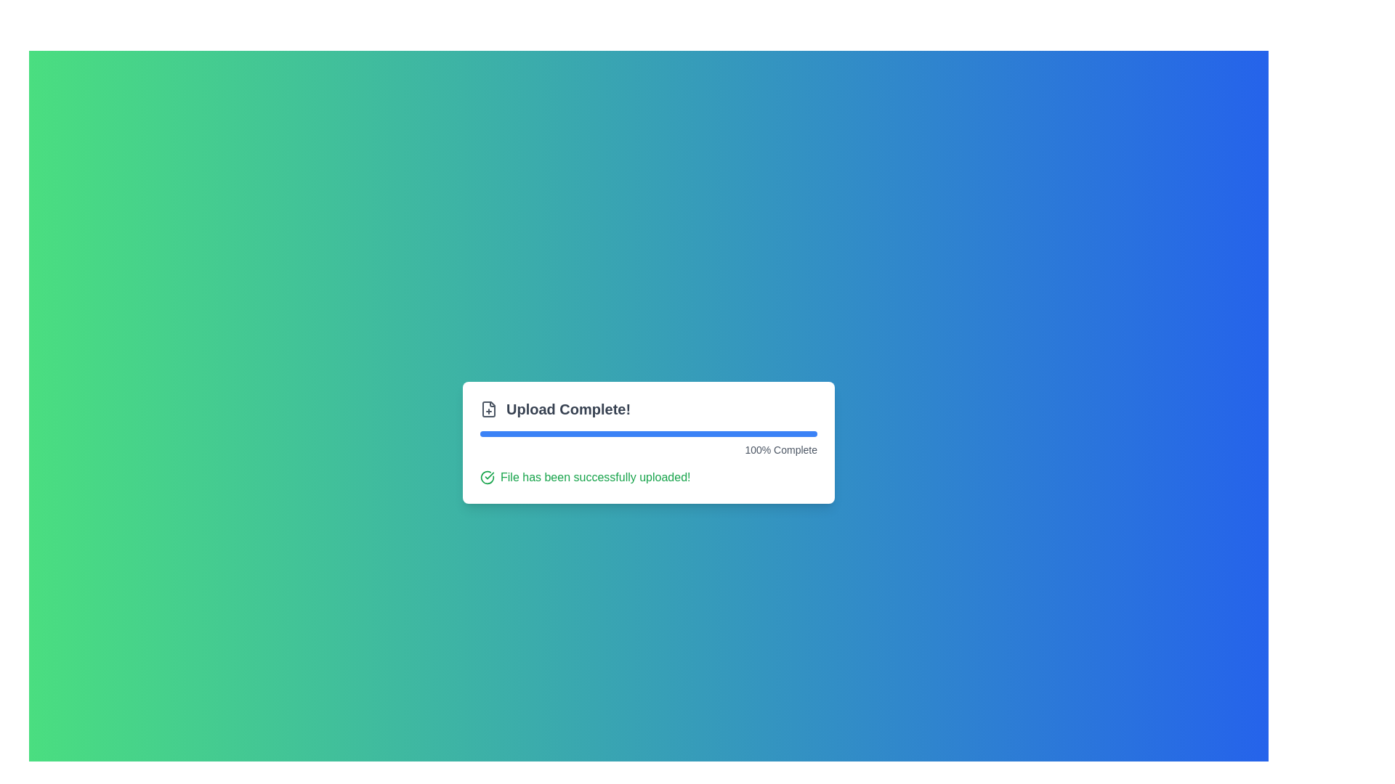 This screenshot has width=1395, height=784. I want to click on the text label displaying 'Upload Complete!' which is styled in a larger-sized, bold gray font and positioned near the top of the interface card, so click(567, 409).